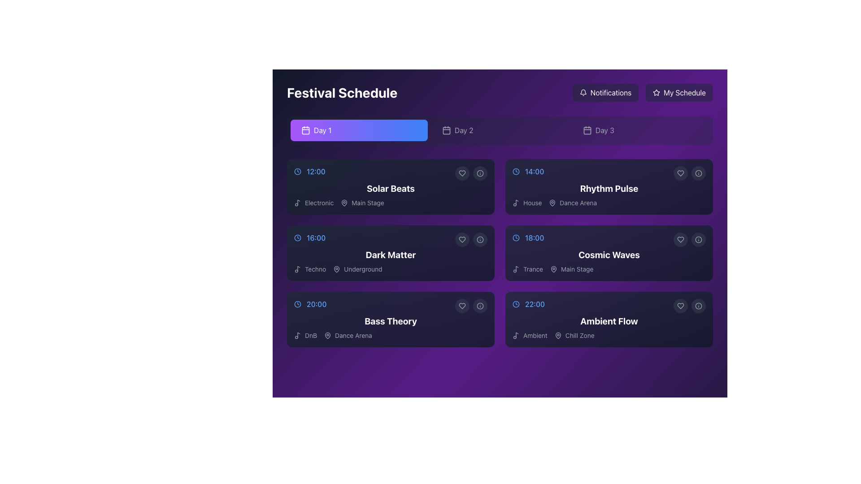  Describe the element at coordinates (391, 255) in the screenshot. I see `the text label indicating the event titled 'Dark Matter', which is located below the '16:00' timestamp and above the texts 'Techno' and 'Underground'` at that location.